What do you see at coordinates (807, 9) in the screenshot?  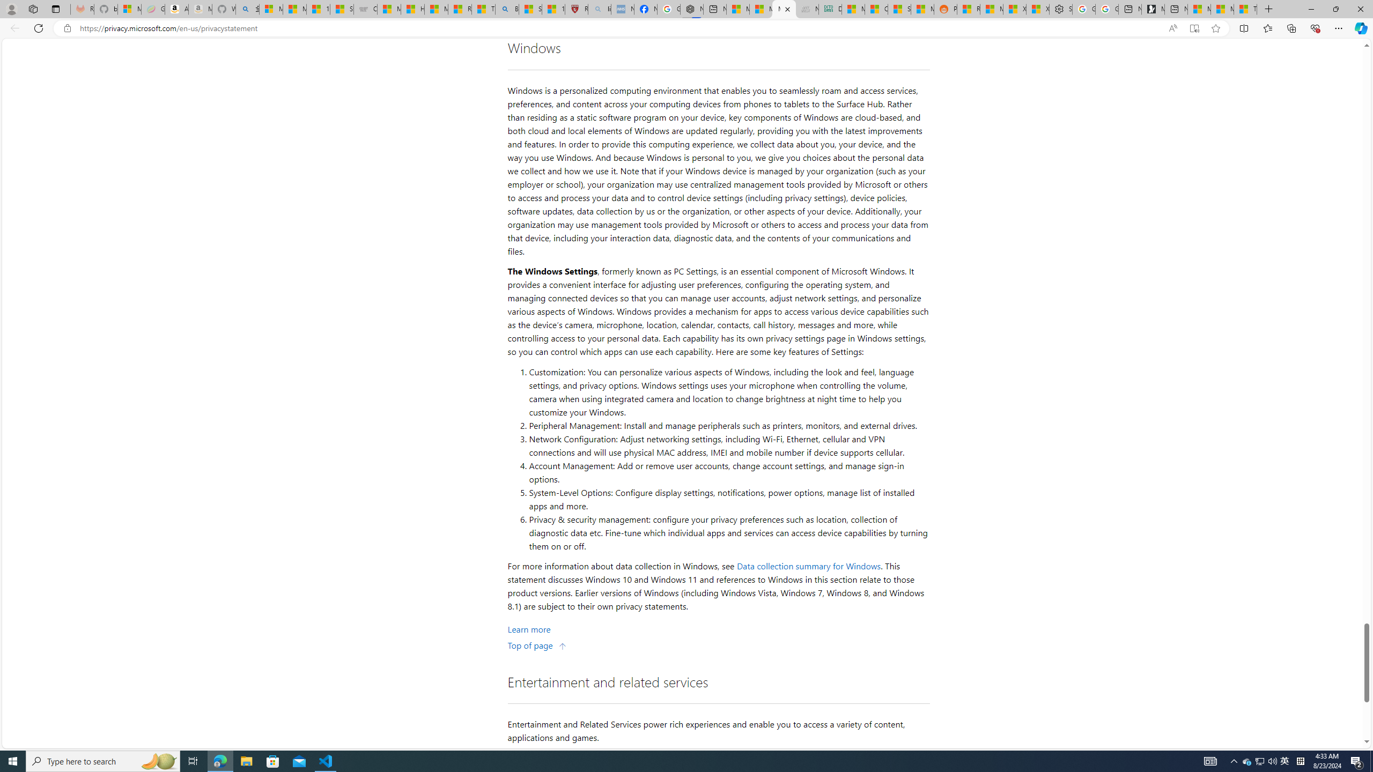 I see `'Navy Quest'` at bounding box center [807, 9].